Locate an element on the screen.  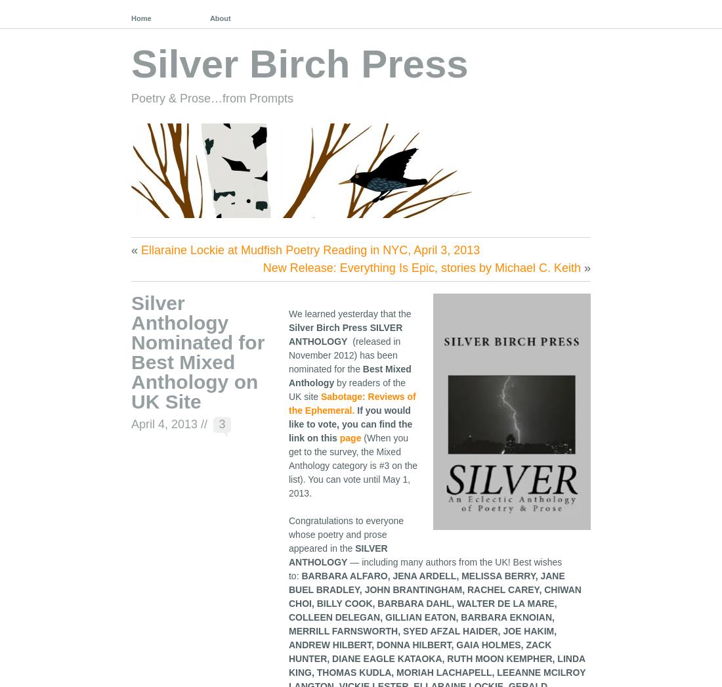
'Congratulations to everyone whose poetry and prose appeared in the' is located at coordinates (346, 533).